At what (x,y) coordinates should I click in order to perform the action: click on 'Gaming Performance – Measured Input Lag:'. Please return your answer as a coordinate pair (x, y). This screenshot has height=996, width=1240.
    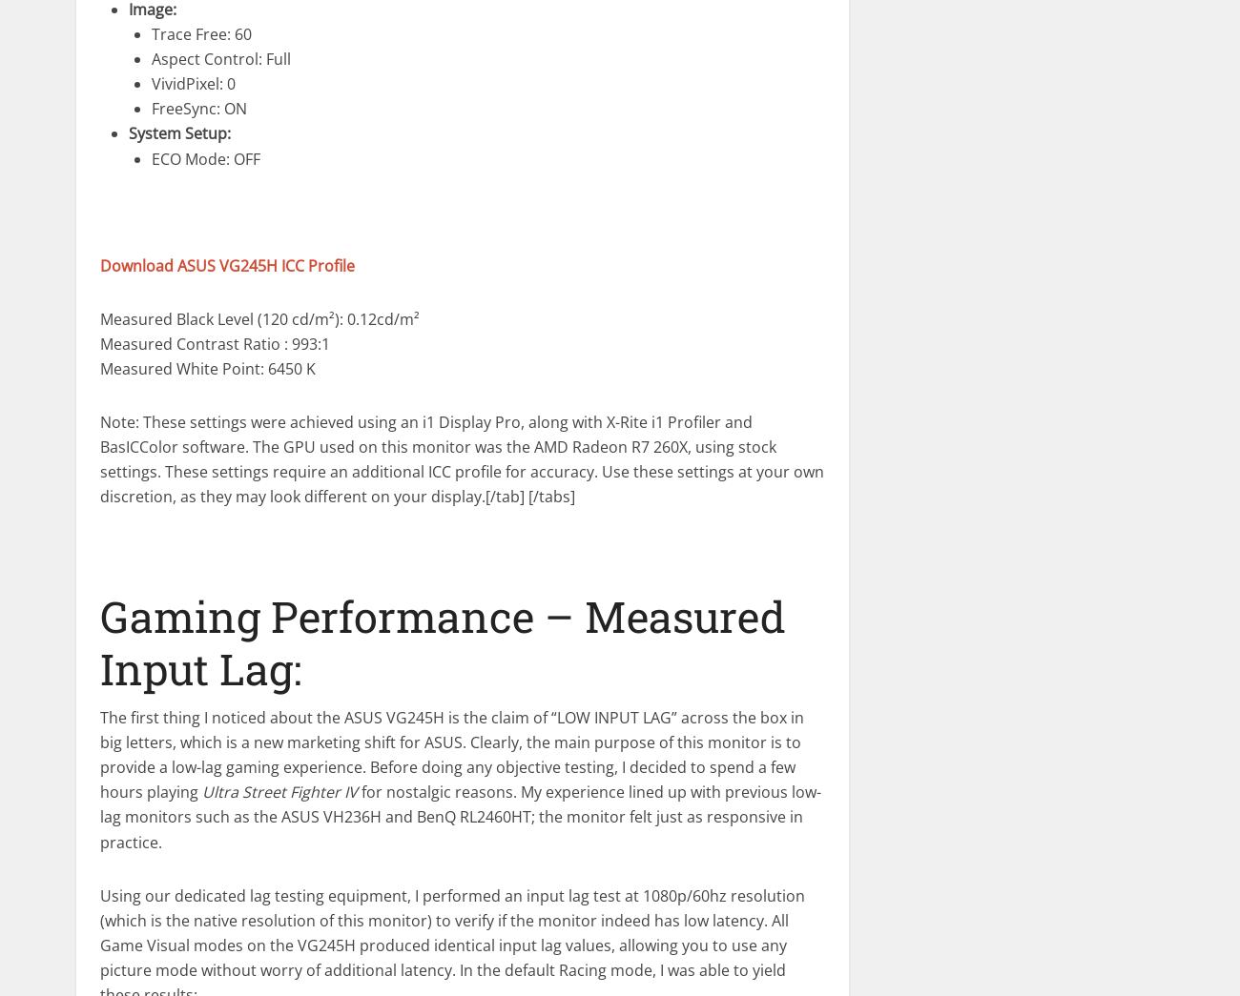
    Looking at the image, I should click on (442, 642).